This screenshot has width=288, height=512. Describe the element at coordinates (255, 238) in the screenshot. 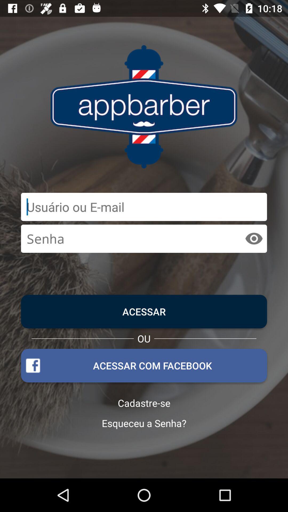

I see `the visibility icon` at that location.